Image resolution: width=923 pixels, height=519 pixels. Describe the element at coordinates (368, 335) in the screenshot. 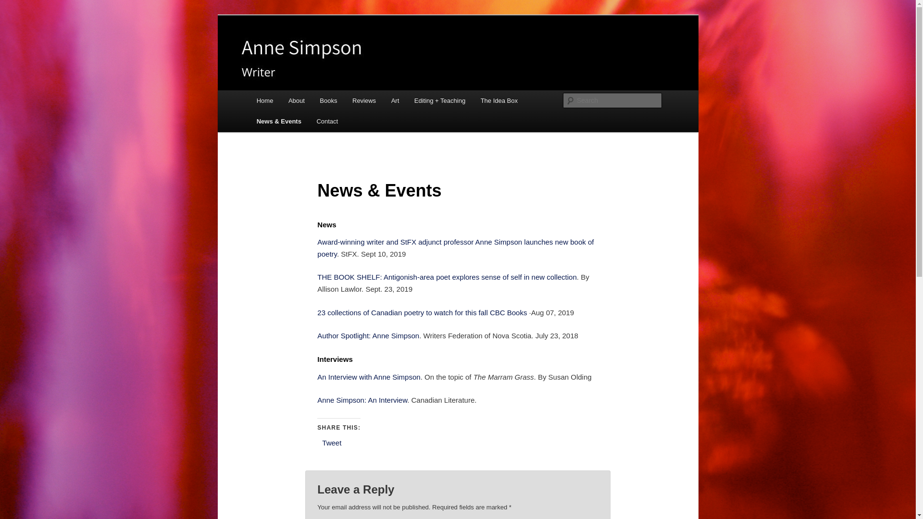

I see `'Author Spotlight: Anne Simpson'` at that location.